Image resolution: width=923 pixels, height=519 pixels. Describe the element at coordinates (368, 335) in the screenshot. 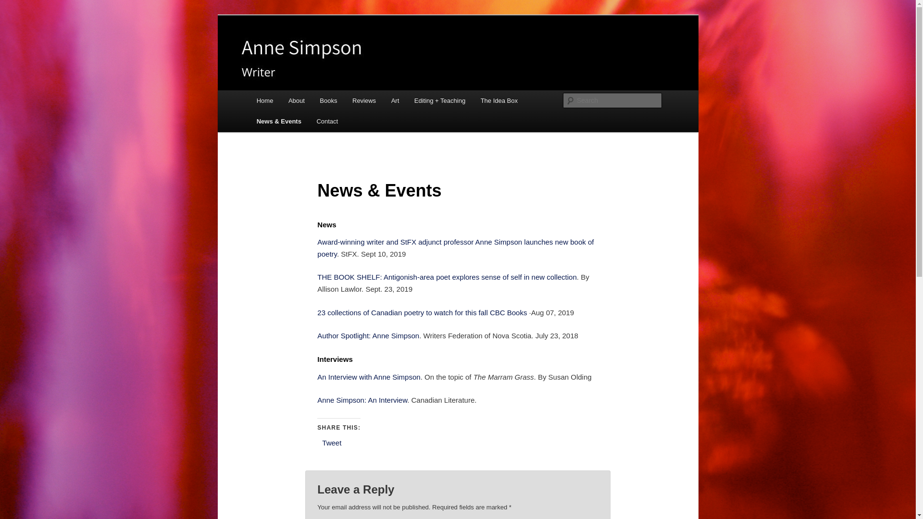

I see `'Author Spotlight: Anne Simpson'` at that location.